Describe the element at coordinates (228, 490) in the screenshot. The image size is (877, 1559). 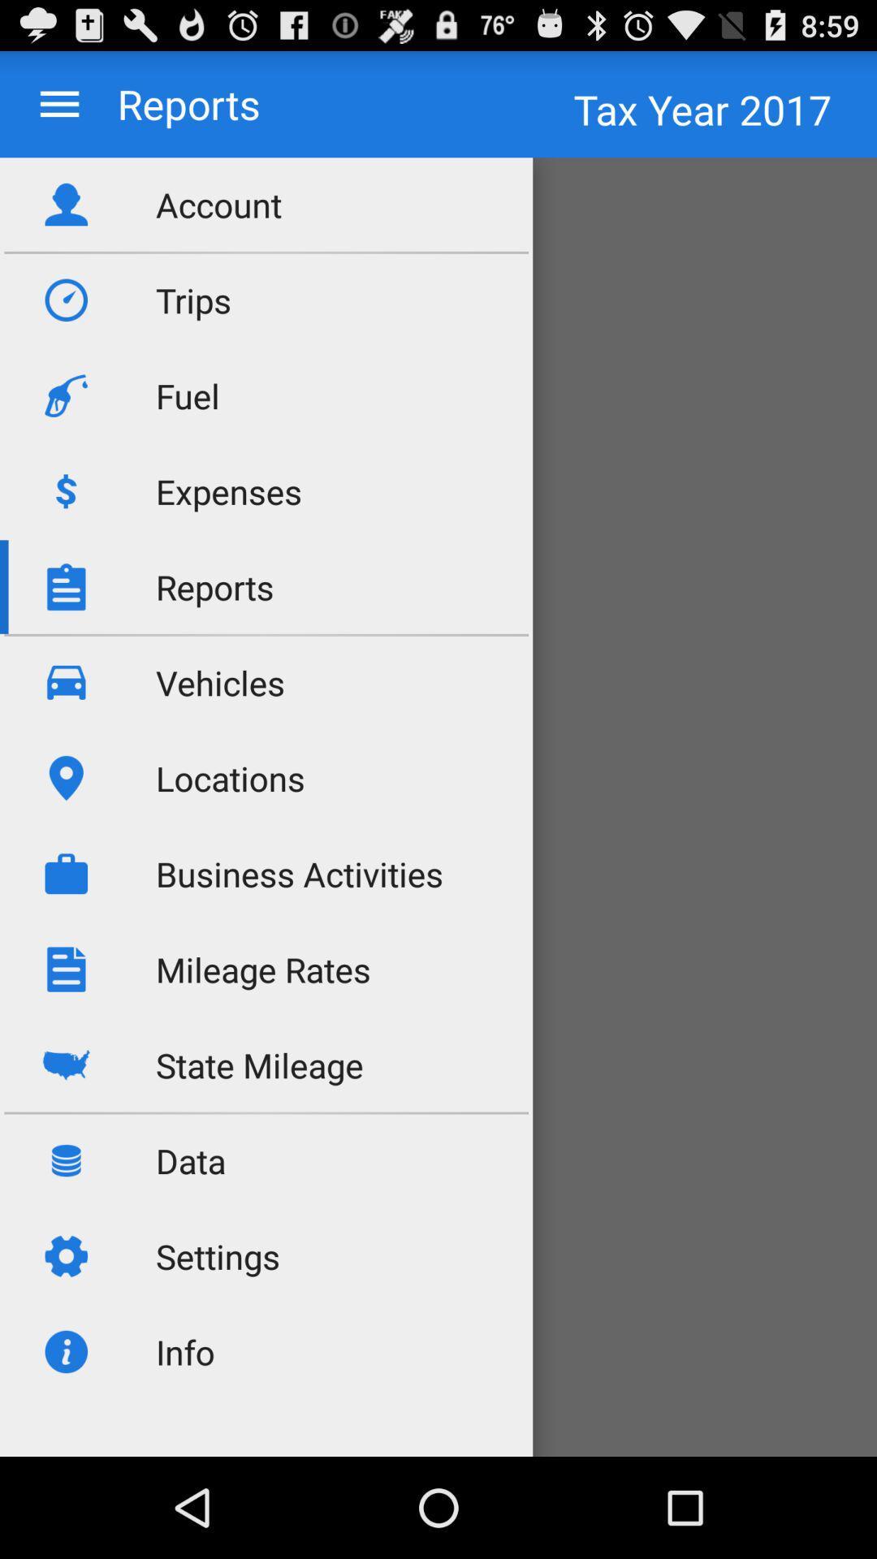
I see `expenses app` at that location.